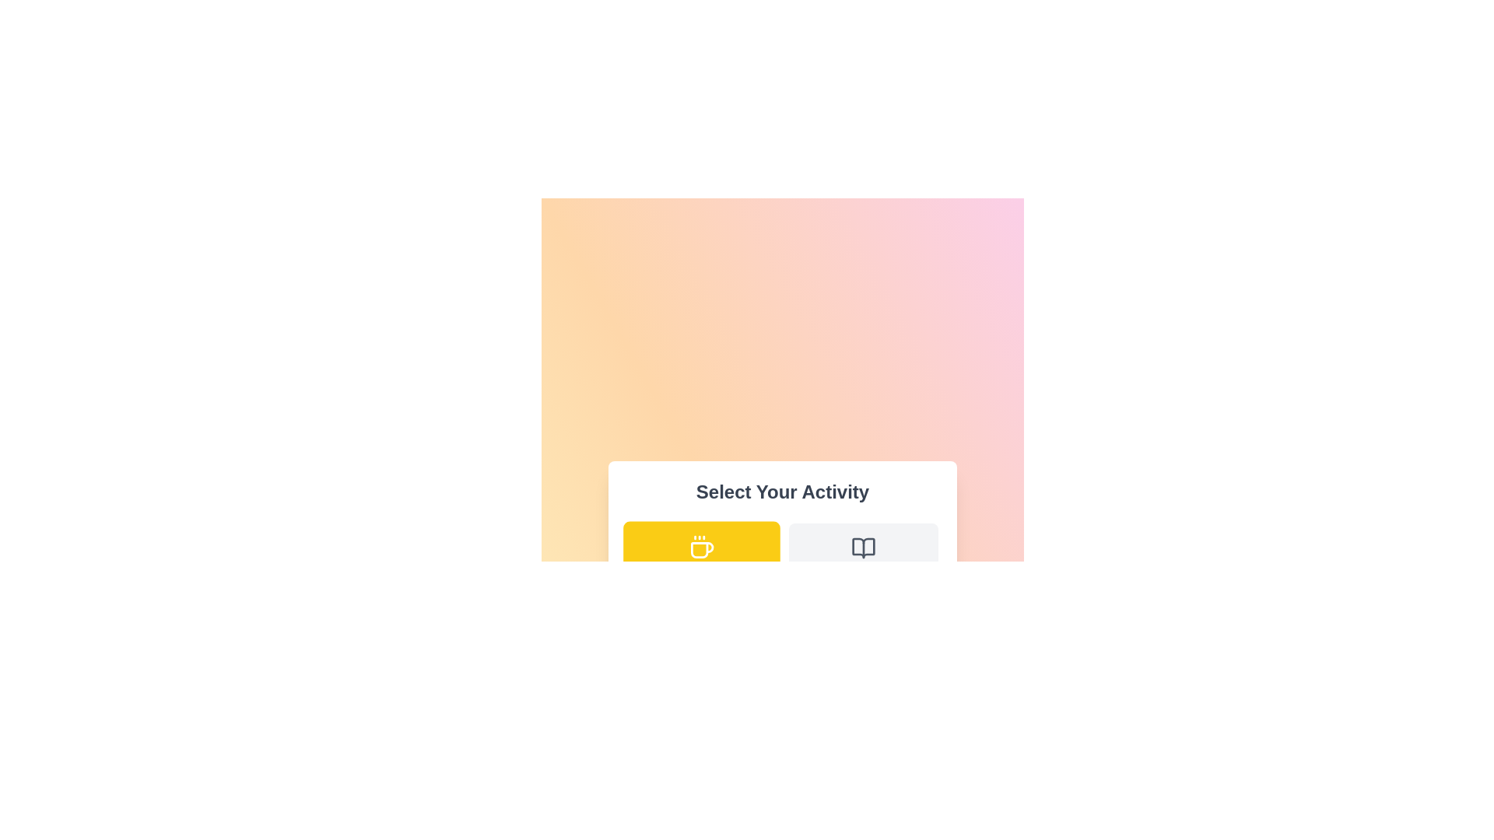  What do you see at coordinates (862, 548) in the screenshot?
I see `the open book icon button located beneath the 'Select Your Activity' header` at bounding box center [862, 548].